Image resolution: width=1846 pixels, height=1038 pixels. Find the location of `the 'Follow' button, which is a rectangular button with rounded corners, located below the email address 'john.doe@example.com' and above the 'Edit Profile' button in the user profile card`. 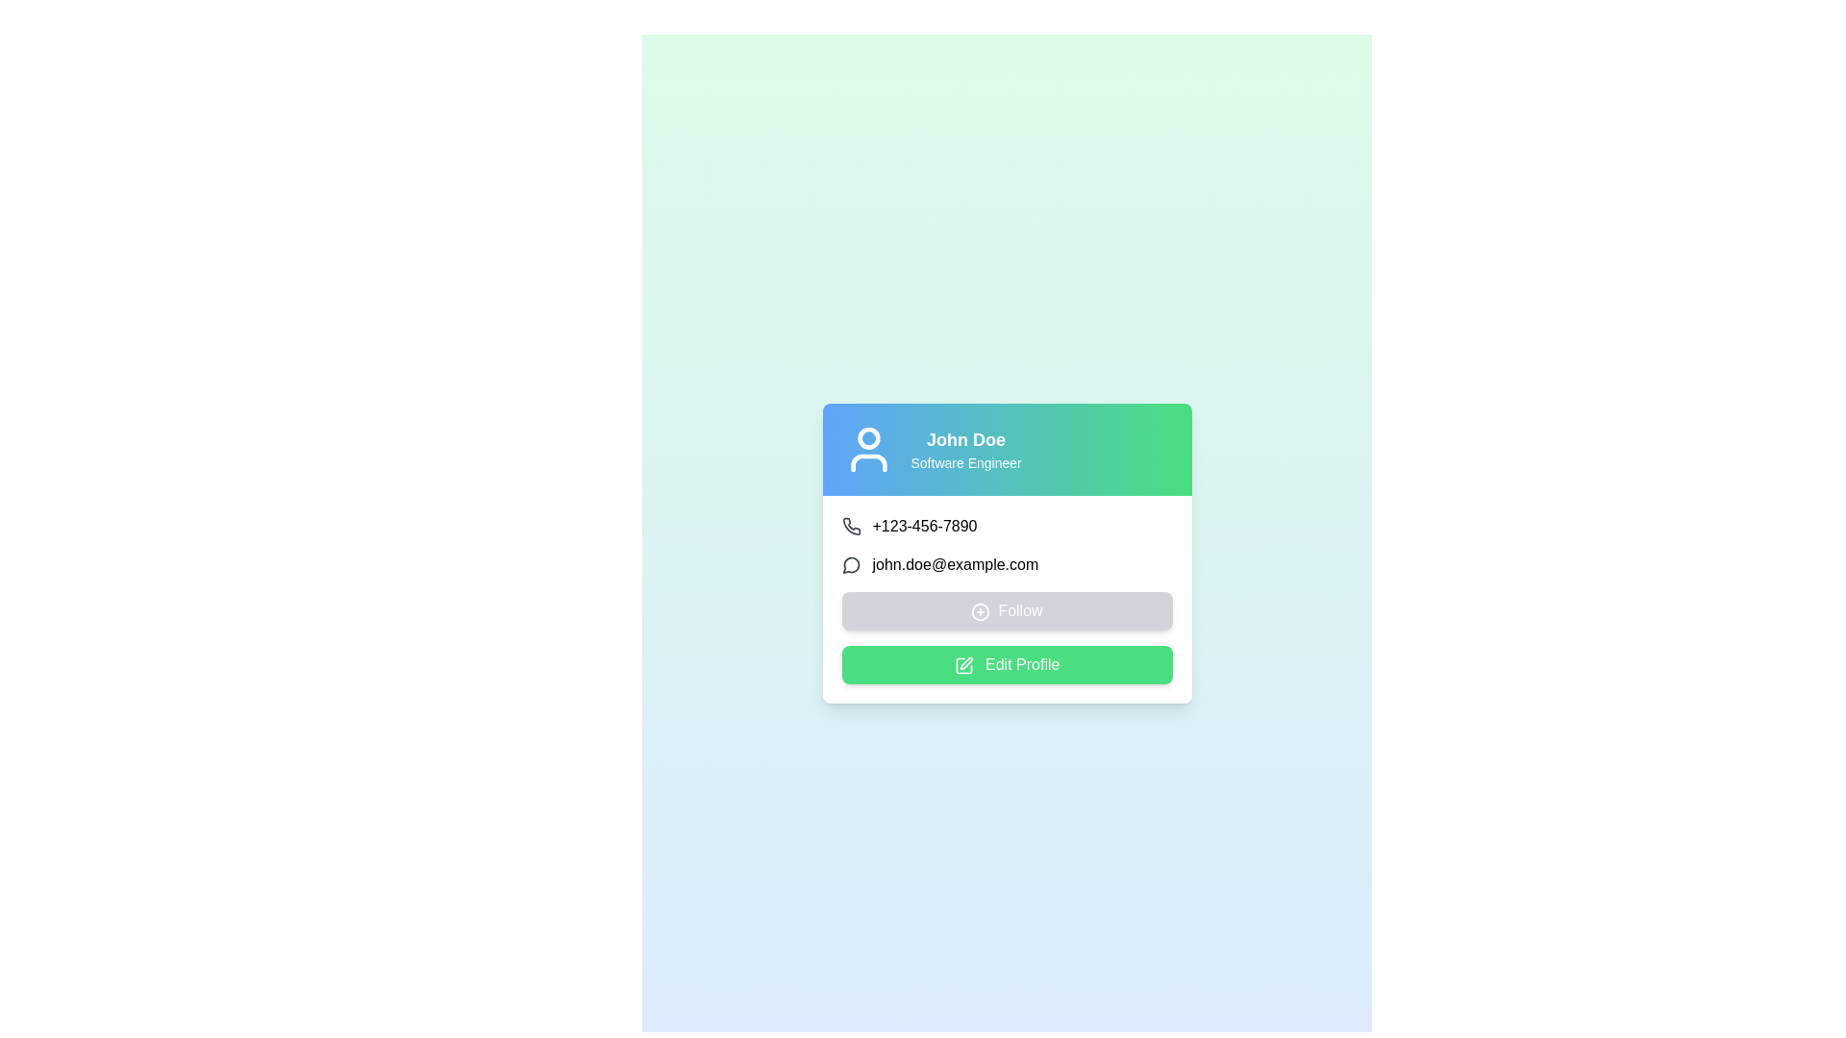

the 'Follow' button, which is a rectangular button with rounded corners, located below the email address 'john.doe@example.com' and above the 'Edit Profile' button in the user profile card is located at coordinates (1006, 611).